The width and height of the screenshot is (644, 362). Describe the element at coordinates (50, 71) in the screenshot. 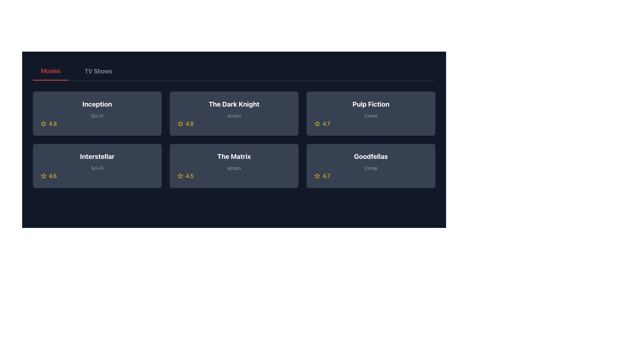

I see `the 'Movies' tab to switch the displayed content for navigation` at that location.